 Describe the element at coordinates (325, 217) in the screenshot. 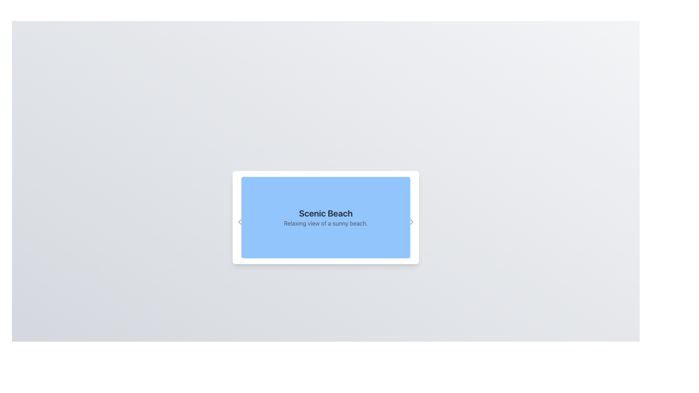

I see `textual content of the Information Display Panel titled 'Scenic Beach' with a subtitle 'Relaxing view of a sunny beach.'` at that location.